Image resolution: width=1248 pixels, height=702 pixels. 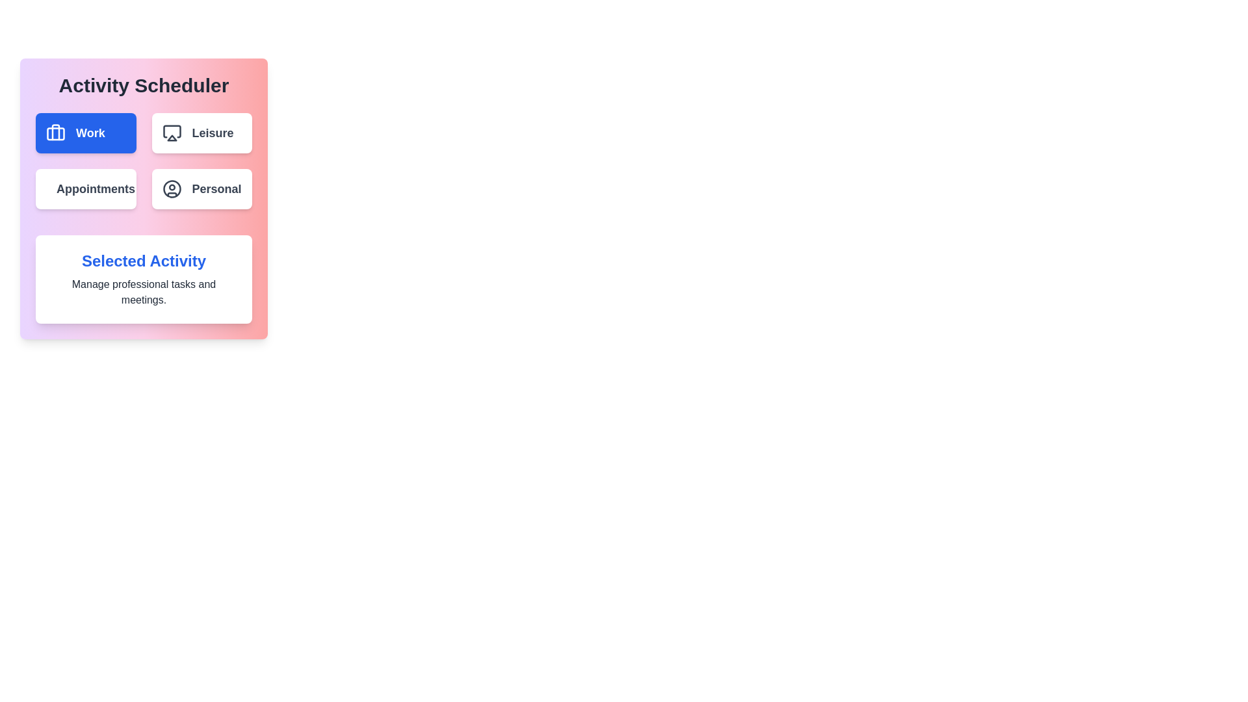 What do you see at coordinates (216, 188) in the screenshot?
I see `text 'Personal' located in the button UI component positioned in the second row, second column of the grid layout` at bounding box center [216, 188].